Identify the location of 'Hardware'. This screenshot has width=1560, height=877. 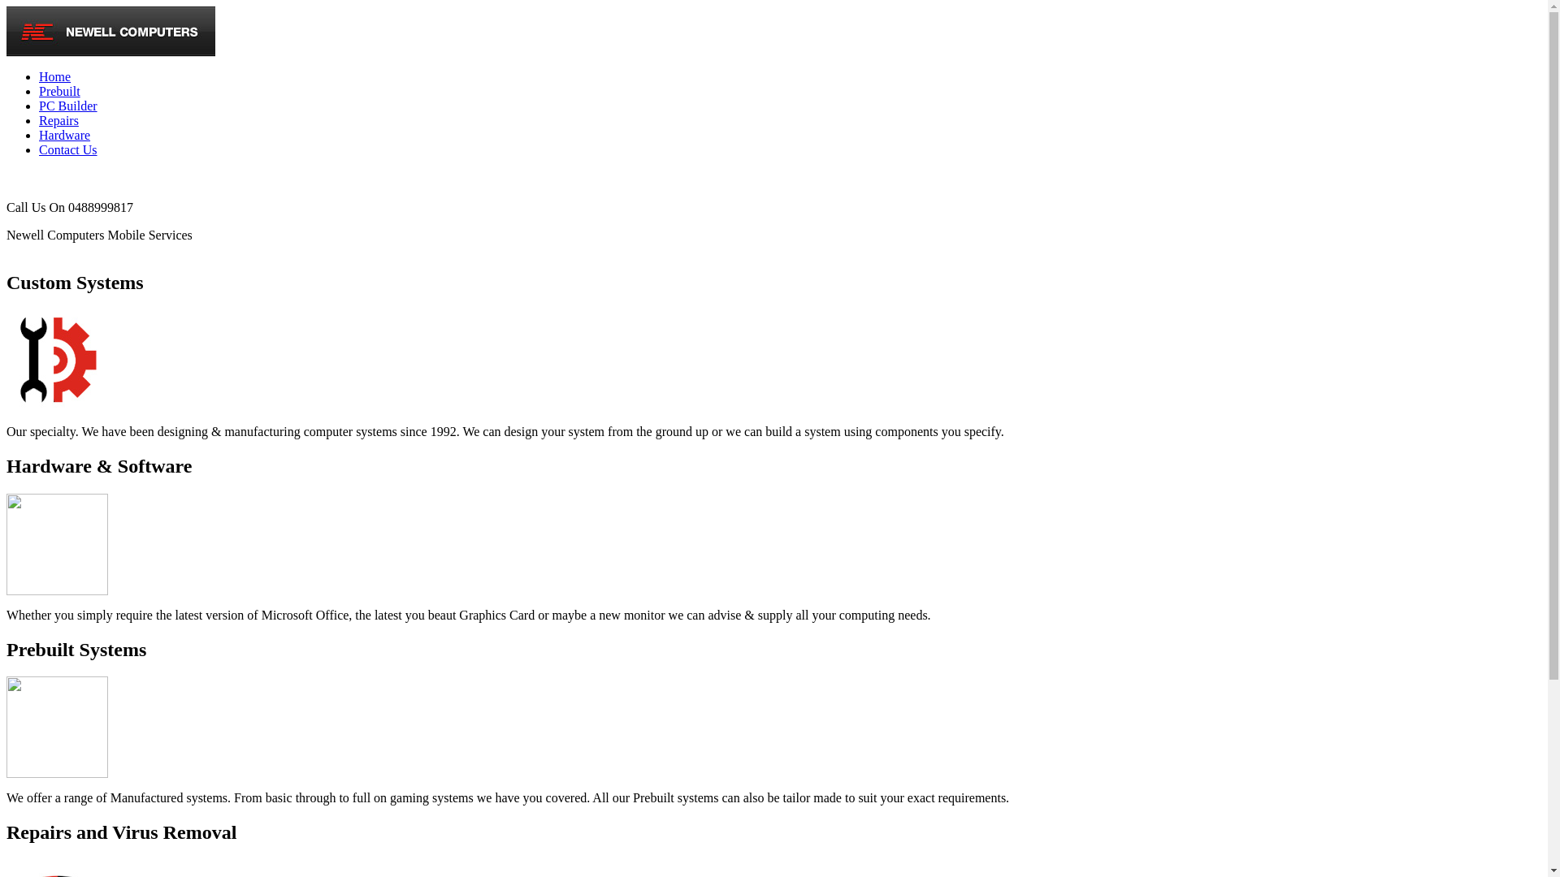
(39, 134).